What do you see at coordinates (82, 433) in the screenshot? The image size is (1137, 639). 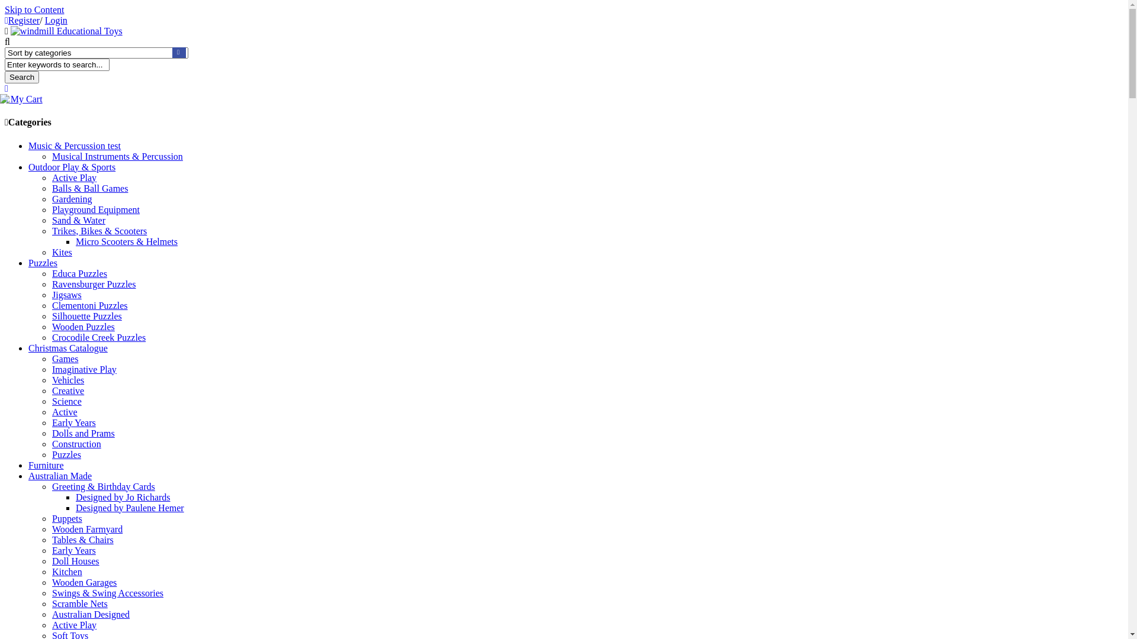 I see `'Dolls and Prams'` at bounding box center [82, 433].